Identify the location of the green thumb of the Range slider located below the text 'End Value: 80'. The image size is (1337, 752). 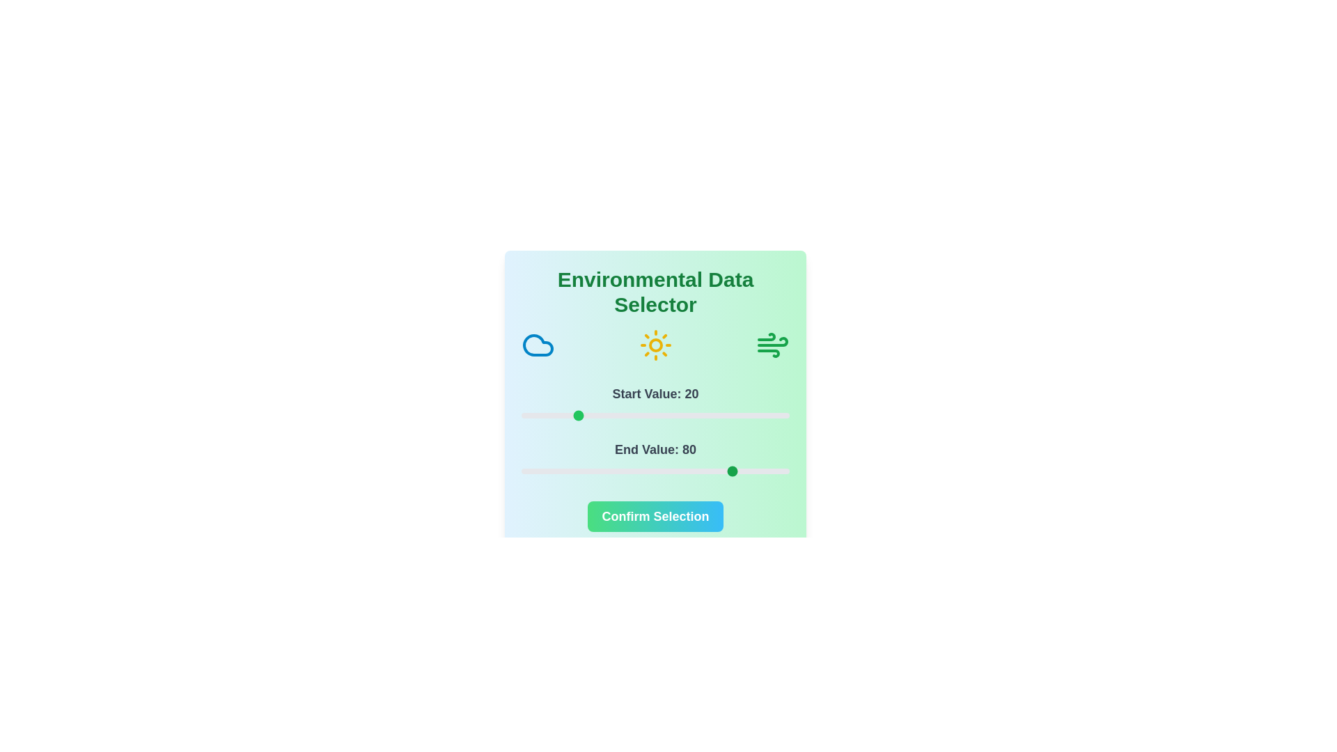
(655, 471).